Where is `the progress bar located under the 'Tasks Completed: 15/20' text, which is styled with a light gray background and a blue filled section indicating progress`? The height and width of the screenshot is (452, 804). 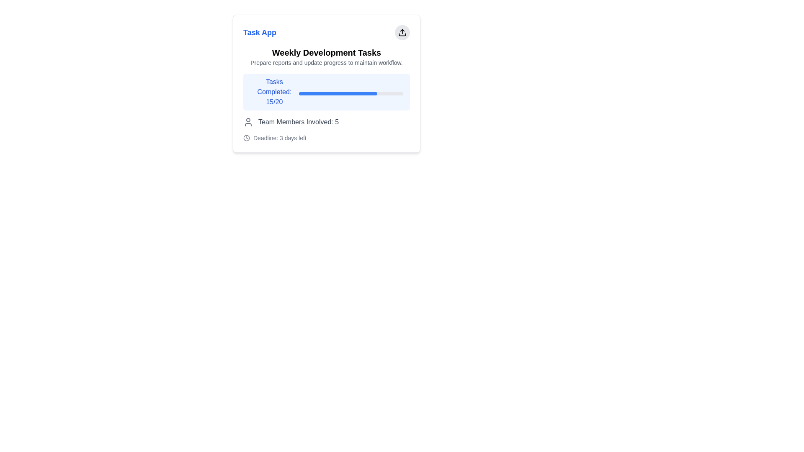
the progress bar located under the 'Tasks Completed: 15/20' text, which is styled with a light gray background and a blue filled section indicating progress is located at coordinates (351, 93).